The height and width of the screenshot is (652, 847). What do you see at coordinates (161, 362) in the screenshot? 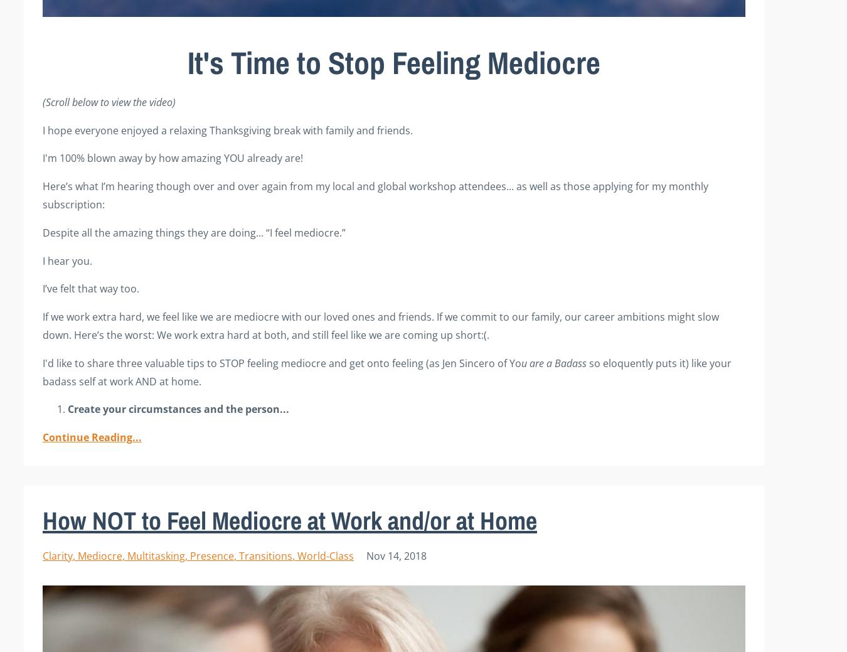
I see `'I'd like to share three valuable tips to STOP feeling'` at bounding box center [161, 362].